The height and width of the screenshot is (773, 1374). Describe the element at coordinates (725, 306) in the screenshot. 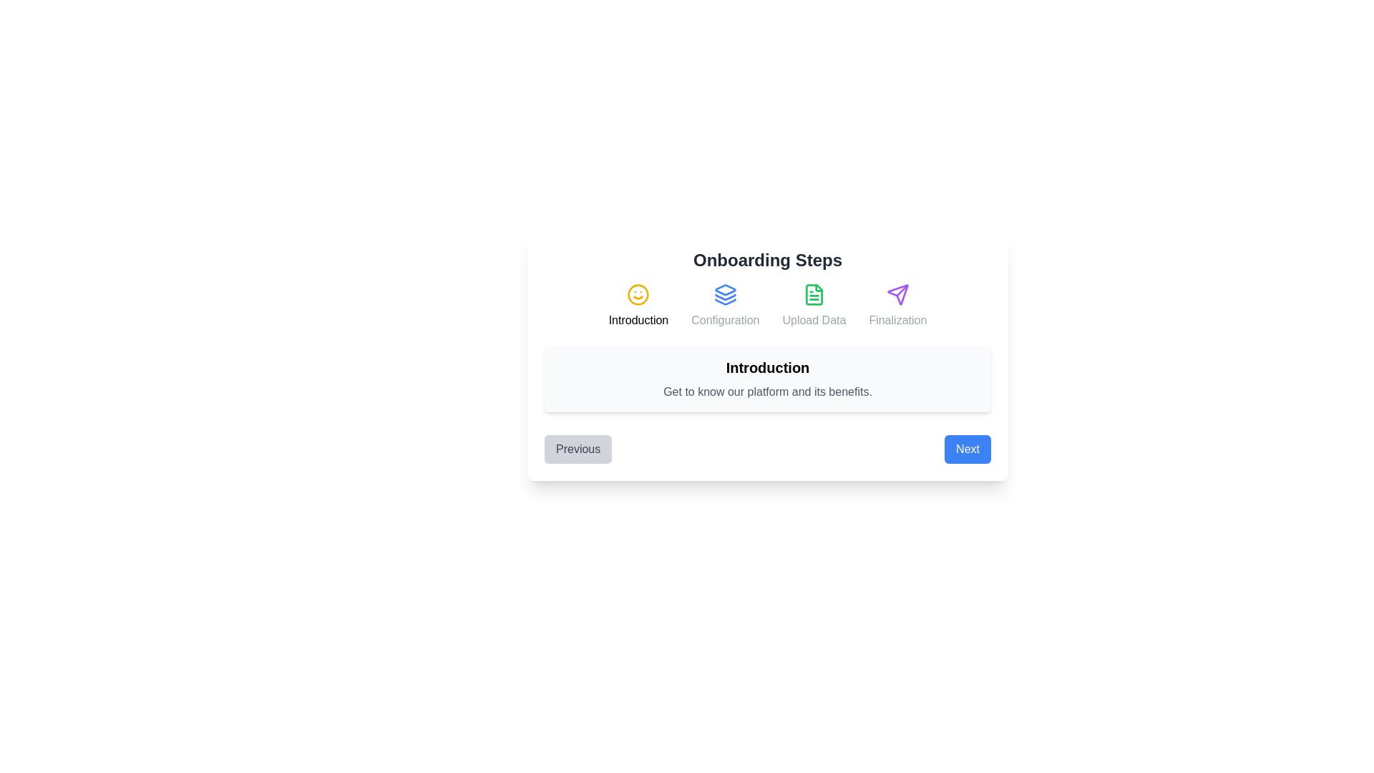

I see `the Navigation step indicator for 'Configuration' in the onboarding process` at that location.